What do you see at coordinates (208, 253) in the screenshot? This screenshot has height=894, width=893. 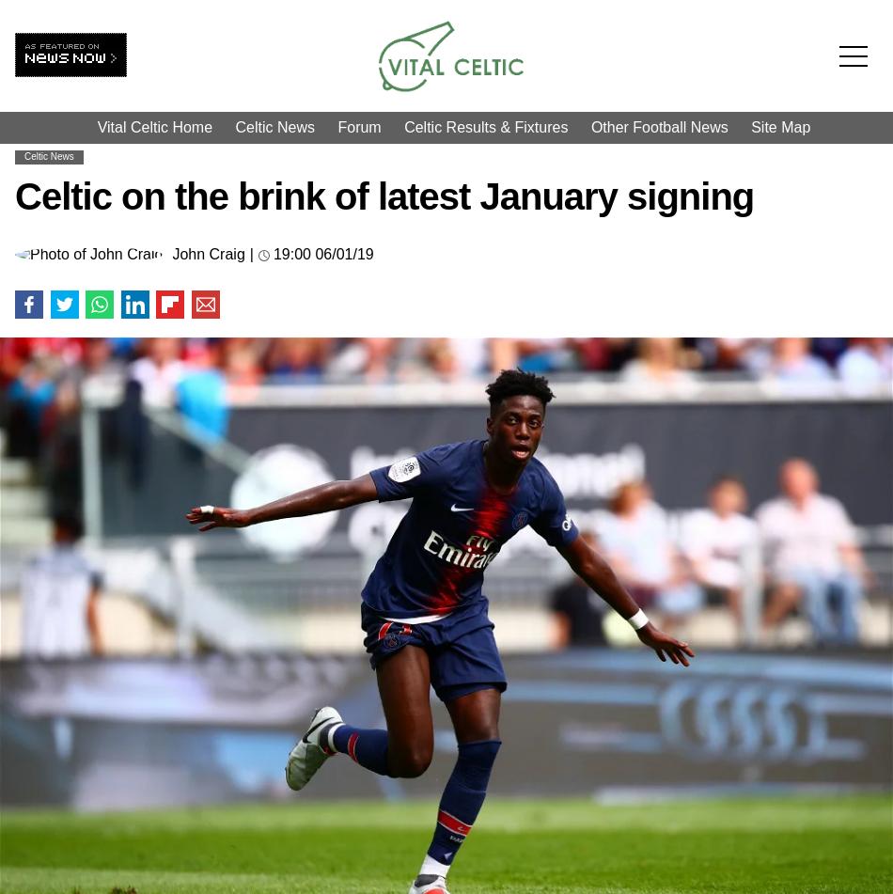 I see `'John Craig'` at bounding box center [208, 253].